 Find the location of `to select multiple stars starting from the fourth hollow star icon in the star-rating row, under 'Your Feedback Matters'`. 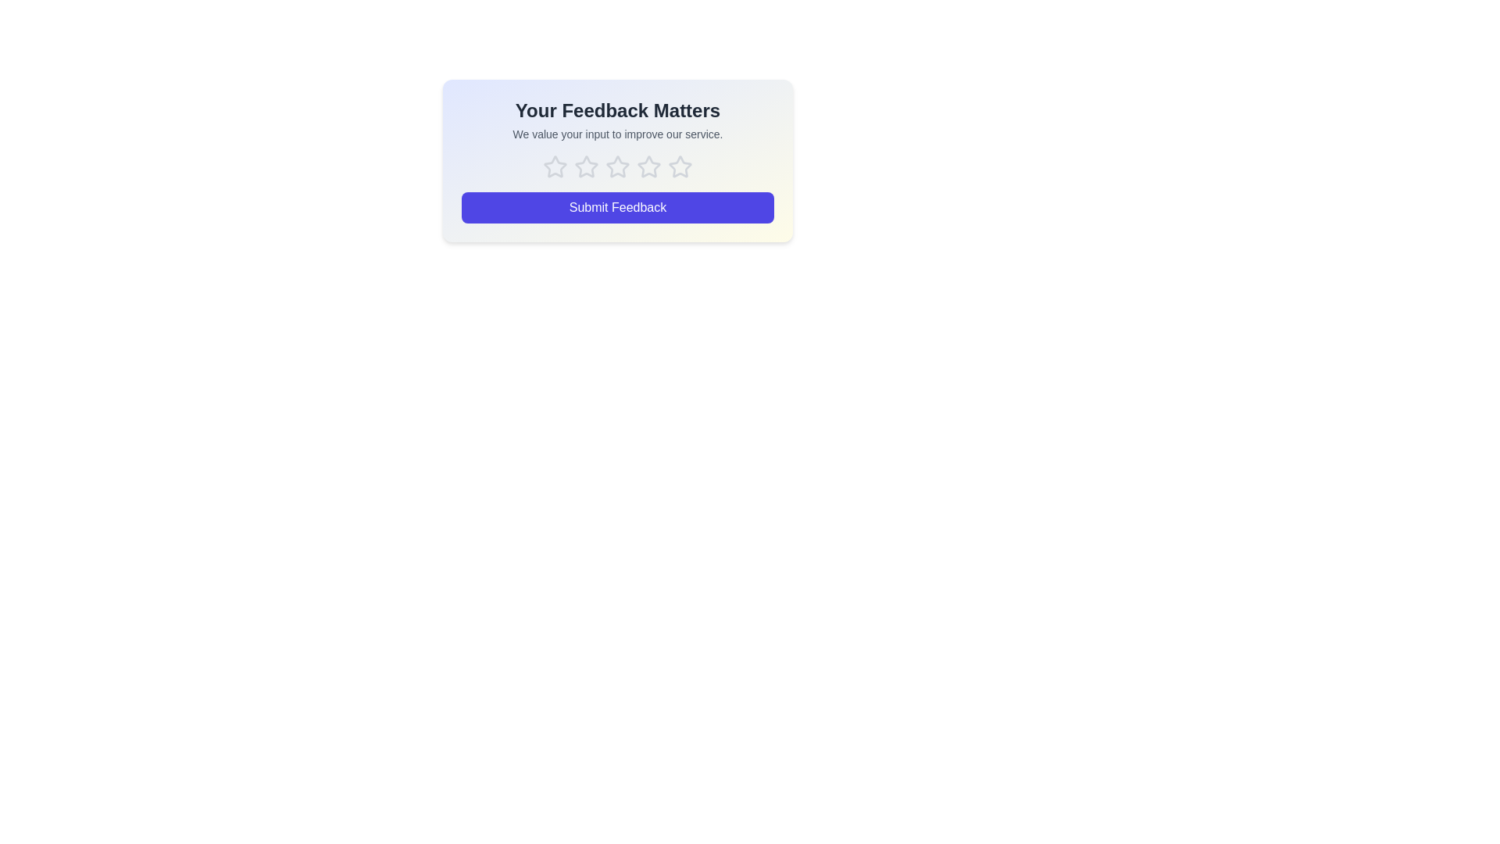

to select multiple stars starting from the fourth hollow star icon in the star-rating row, under 'Your Feedback Matters' is located at coordinates (617, 166).